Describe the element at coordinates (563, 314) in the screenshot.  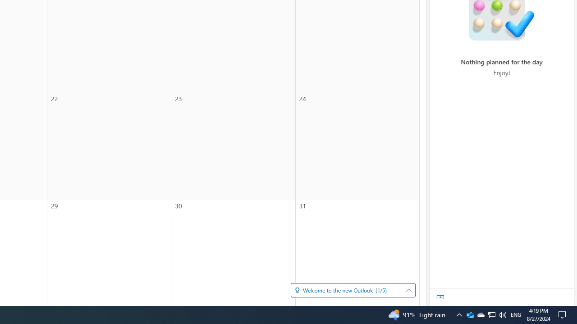
I see `'Show desktop'` at that location.